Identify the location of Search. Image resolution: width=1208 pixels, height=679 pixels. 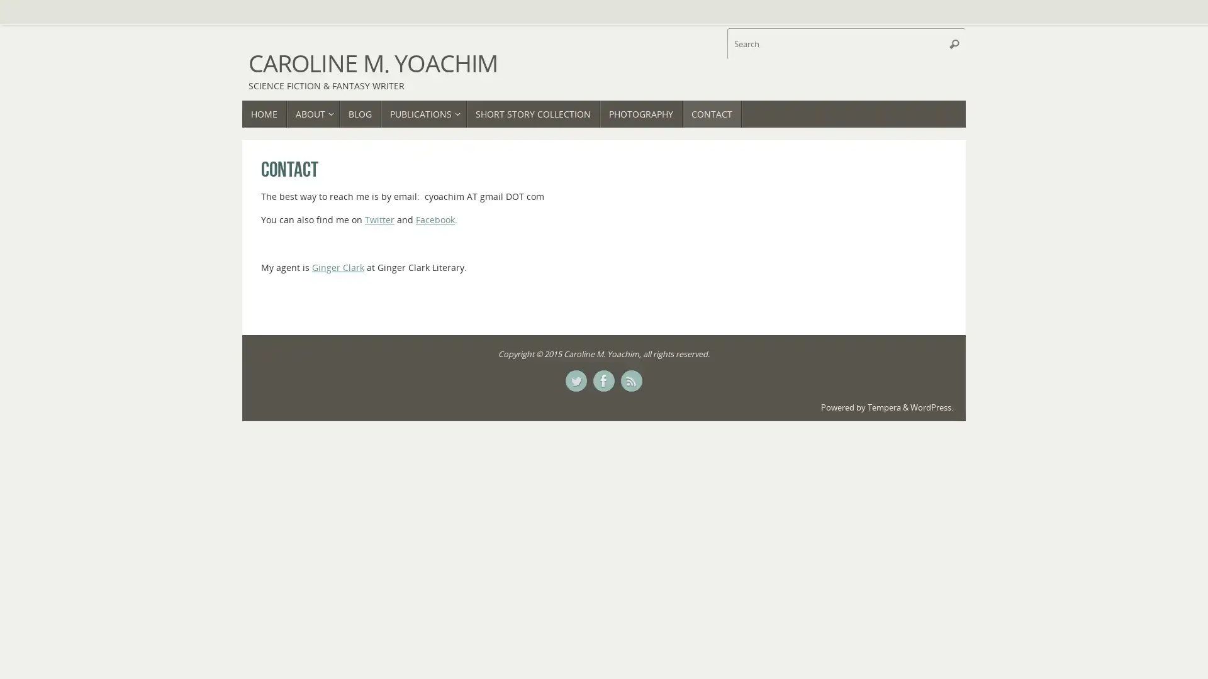
(954, 43).